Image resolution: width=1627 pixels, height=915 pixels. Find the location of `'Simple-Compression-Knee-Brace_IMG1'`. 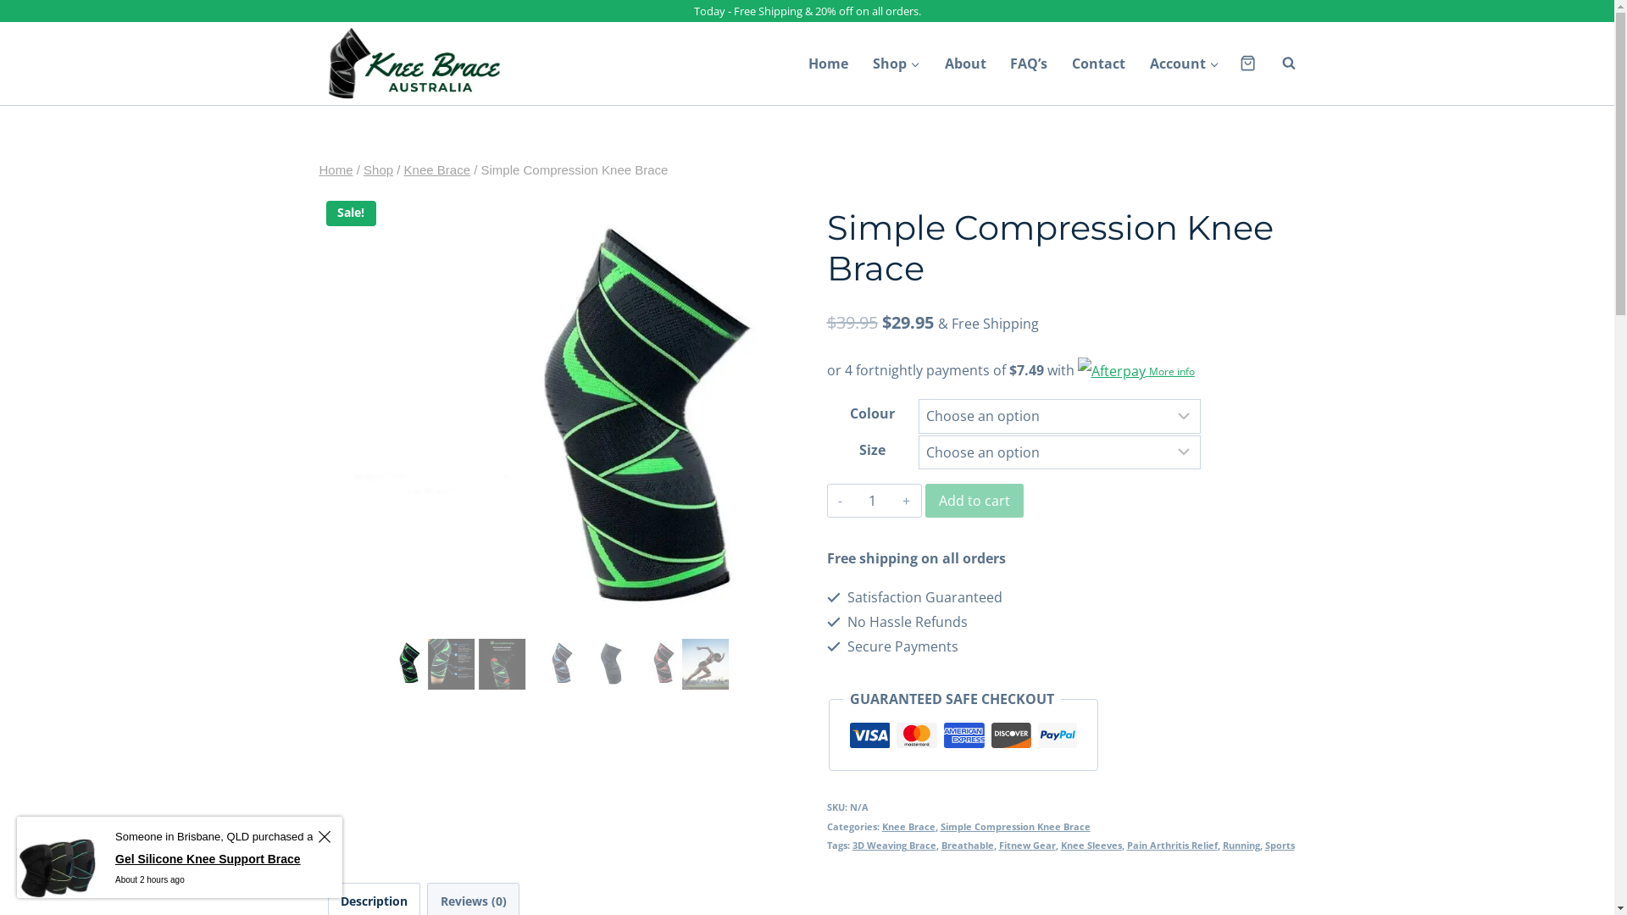

'Simple-Compression-Knee-Brace_IMG1' is located at coordinates (553, 427).